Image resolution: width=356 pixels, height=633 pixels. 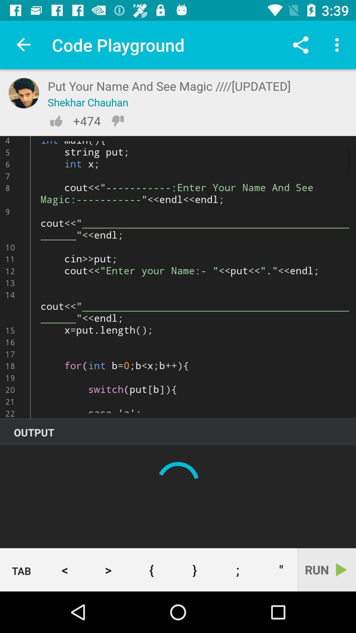 I want to click on vote up, so click(x=56, y=121).